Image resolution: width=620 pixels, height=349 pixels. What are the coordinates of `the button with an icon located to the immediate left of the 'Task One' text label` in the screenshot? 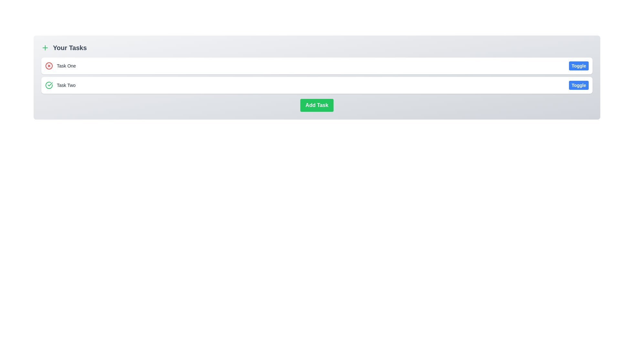 It's located at (49, 66).